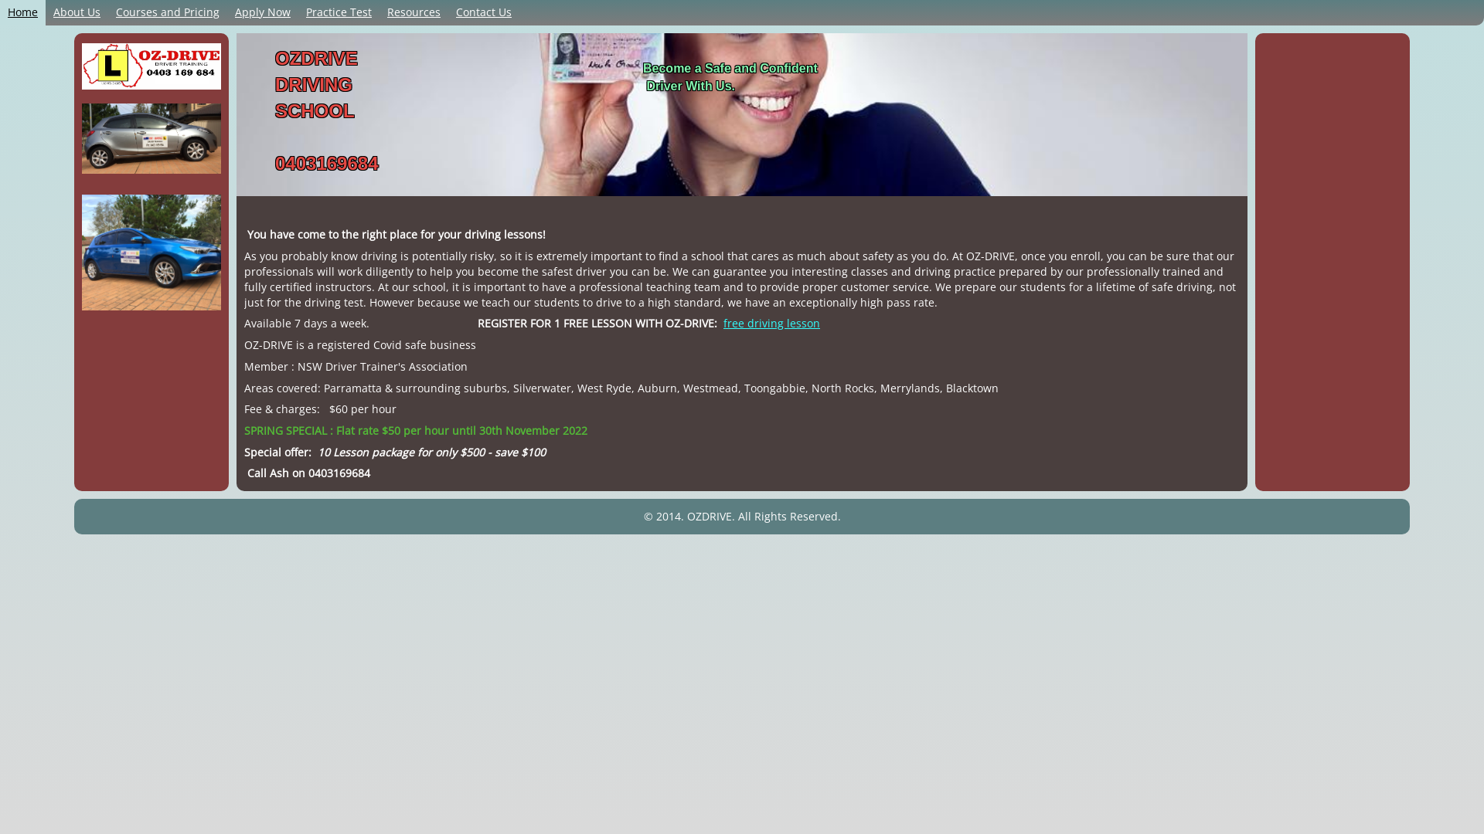 The image size is (1484, 834). I want to click on 'Home', so click(22, 12).